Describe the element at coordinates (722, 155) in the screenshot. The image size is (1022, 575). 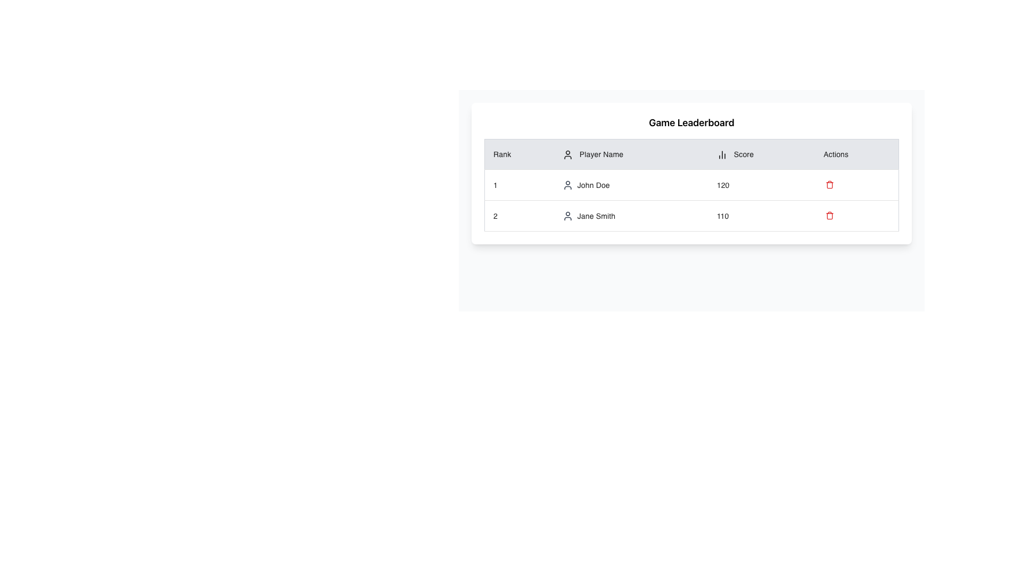
I see `the chart icon representing the 'Score' column in the leaderboard header, located to the left of the column title text 'Score'` at that location.